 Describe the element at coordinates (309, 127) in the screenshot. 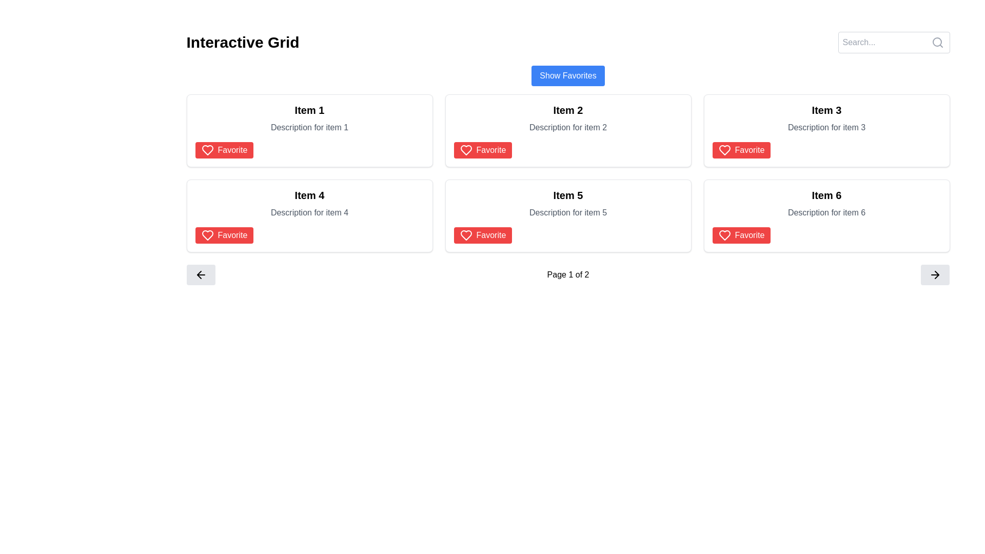

I see `the text segment that reads 'Description for item 1', located in the center area of the first card under the heading 'Item 1'` at that location.